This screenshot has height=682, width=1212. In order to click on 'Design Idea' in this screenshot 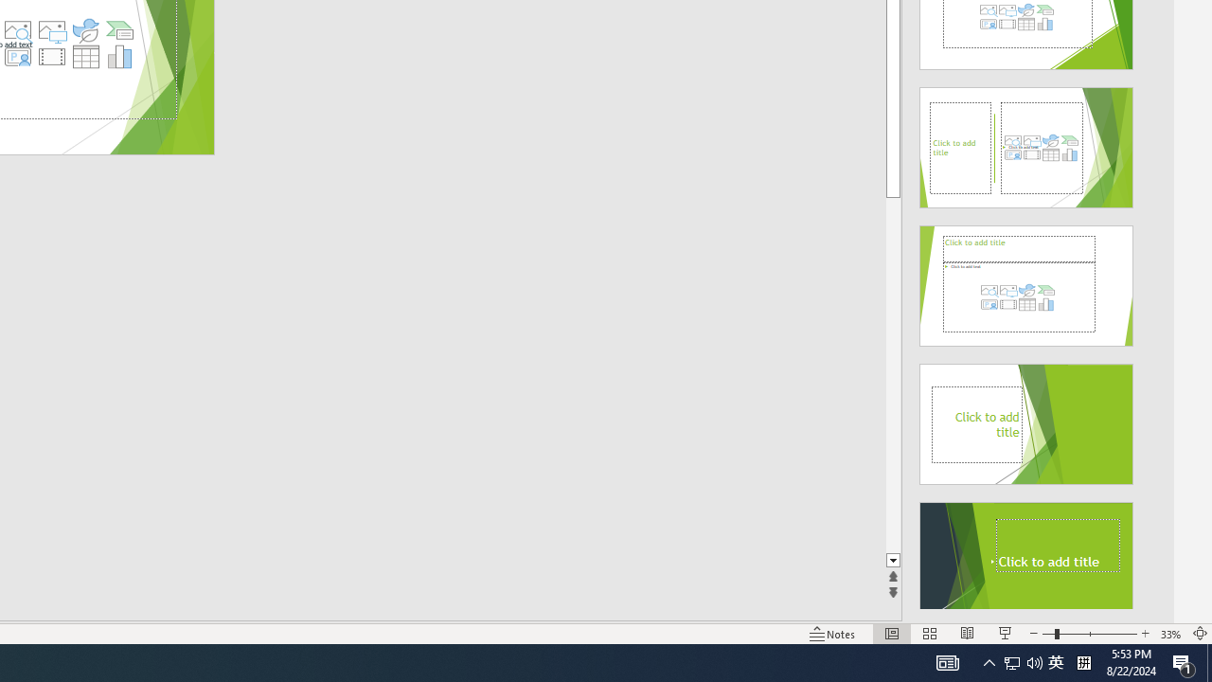, I will do `click(1025, 555)`.